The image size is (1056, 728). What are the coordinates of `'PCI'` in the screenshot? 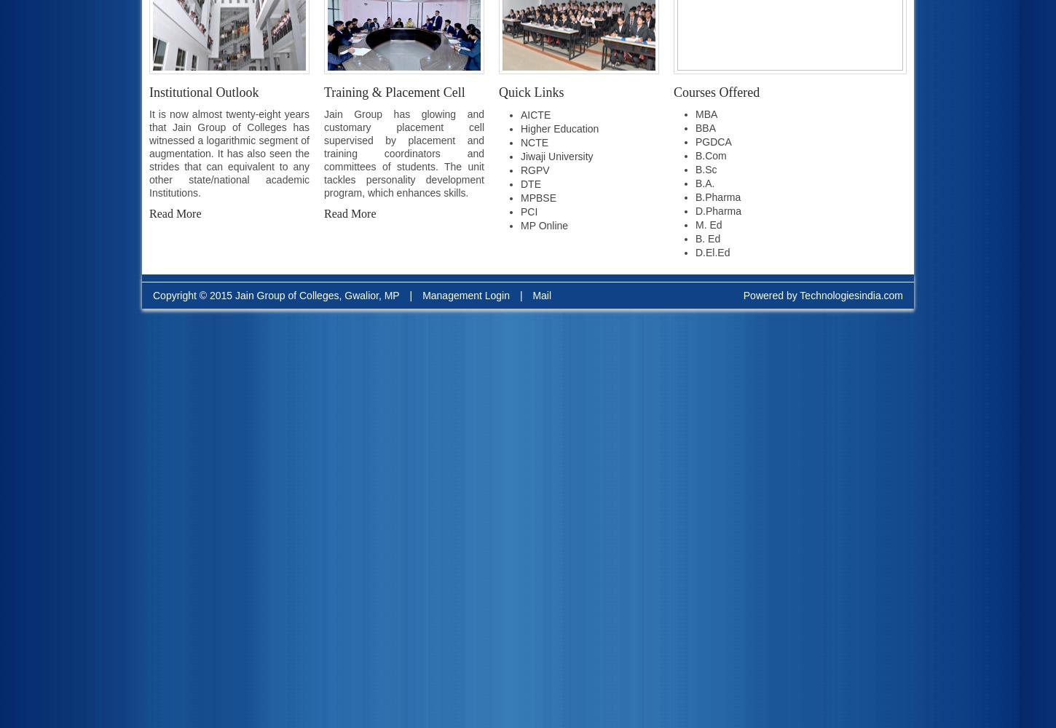 It's located at (529, 212).